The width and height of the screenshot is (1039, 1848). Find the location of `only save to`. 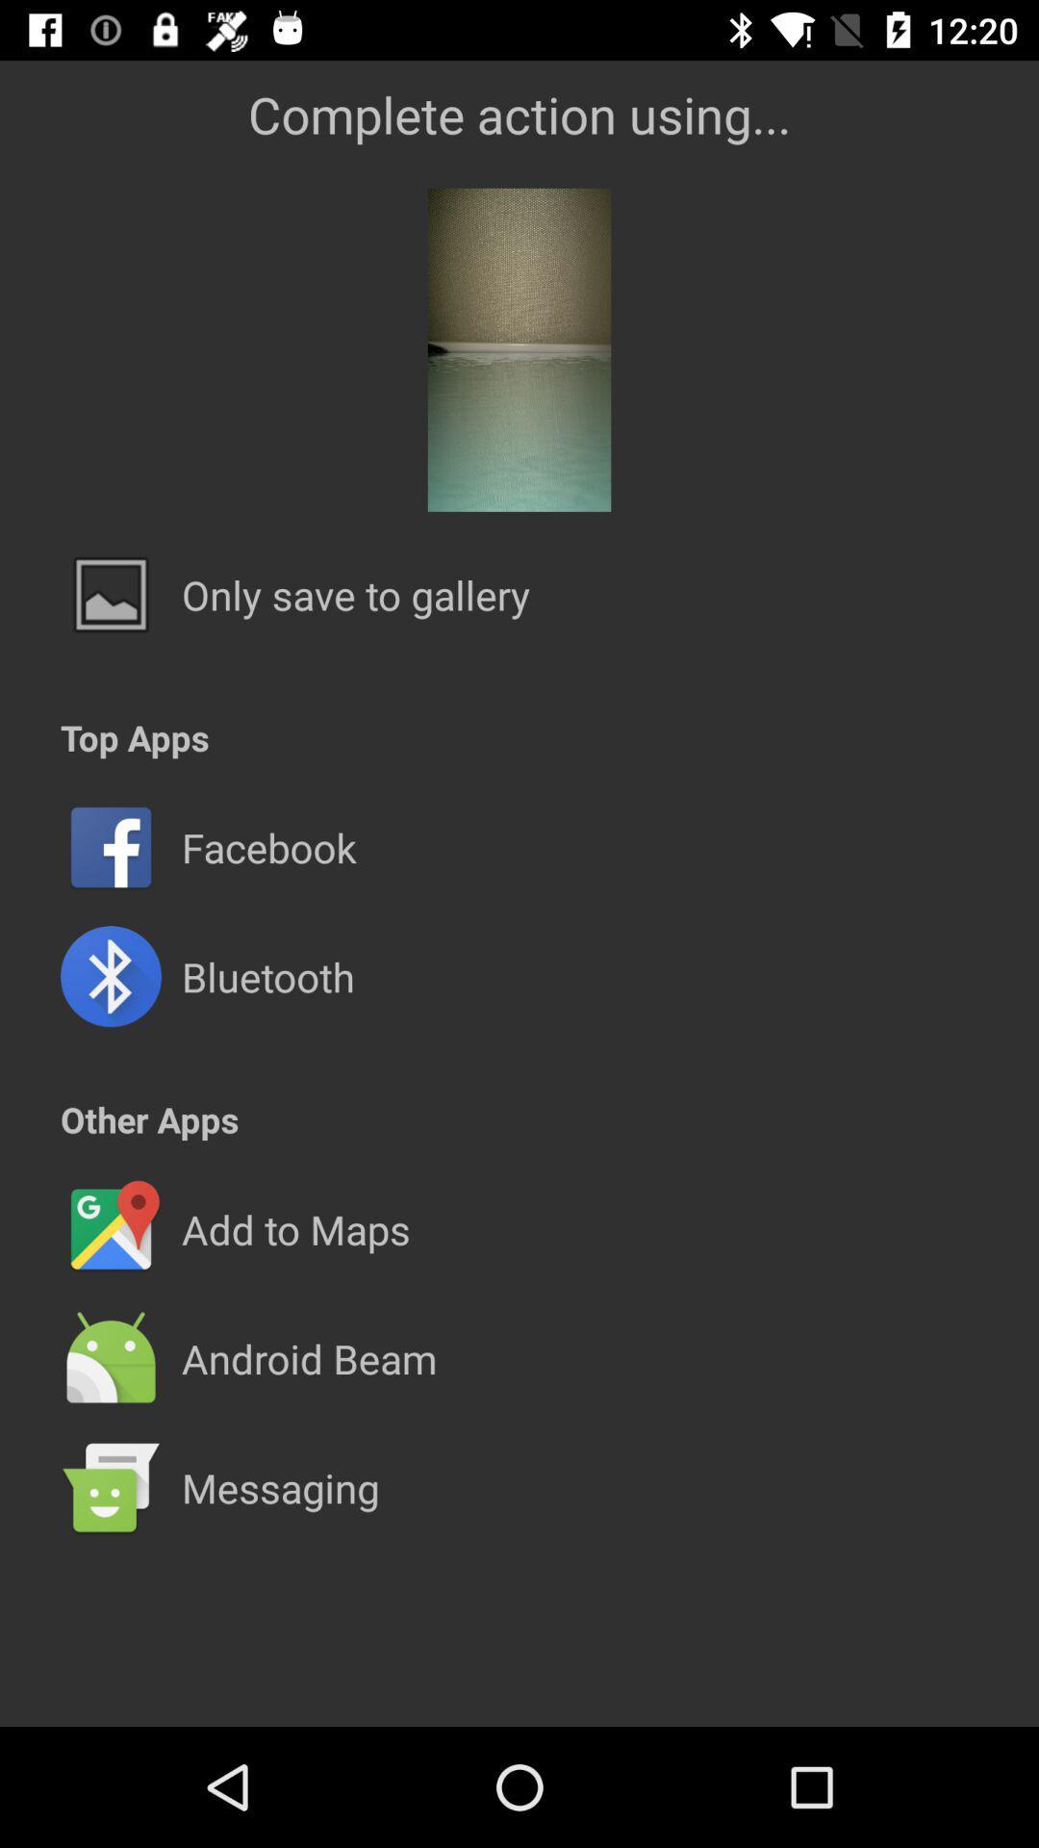

only save to is located at coordinates (356, 594).